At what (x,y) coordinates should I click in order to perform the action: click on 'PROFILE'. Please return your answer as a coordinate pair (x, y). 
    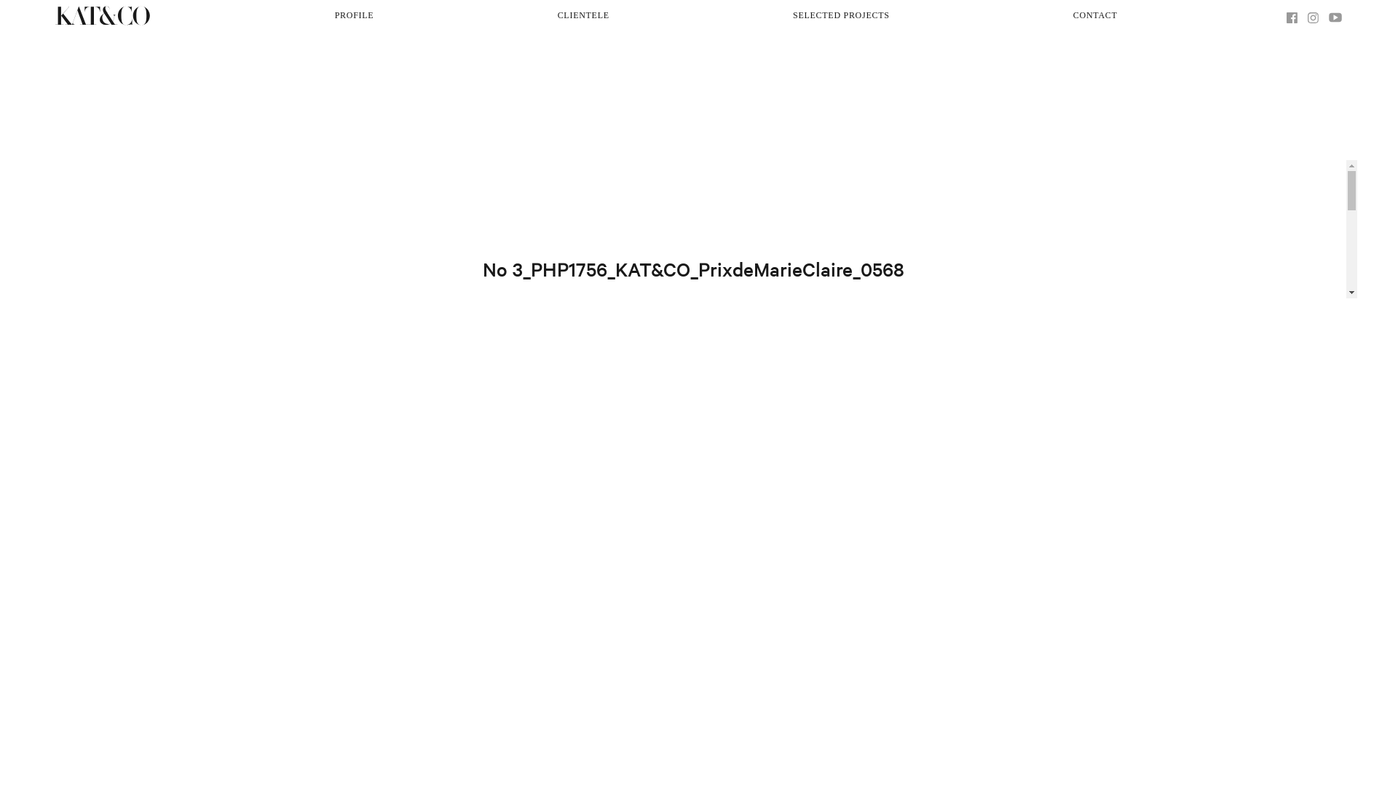
    Looking at the image, I should click on (354, 16).